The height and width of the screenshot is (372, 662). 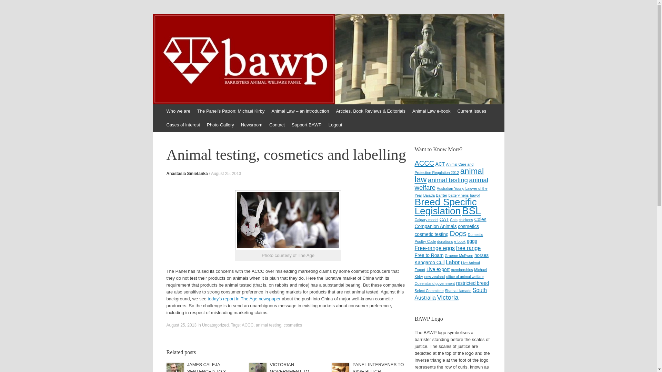 What do you see at coordinates (226, 173) in the screenshot?
I see `'August 25, 2013'` at bounding box center [226, 173].